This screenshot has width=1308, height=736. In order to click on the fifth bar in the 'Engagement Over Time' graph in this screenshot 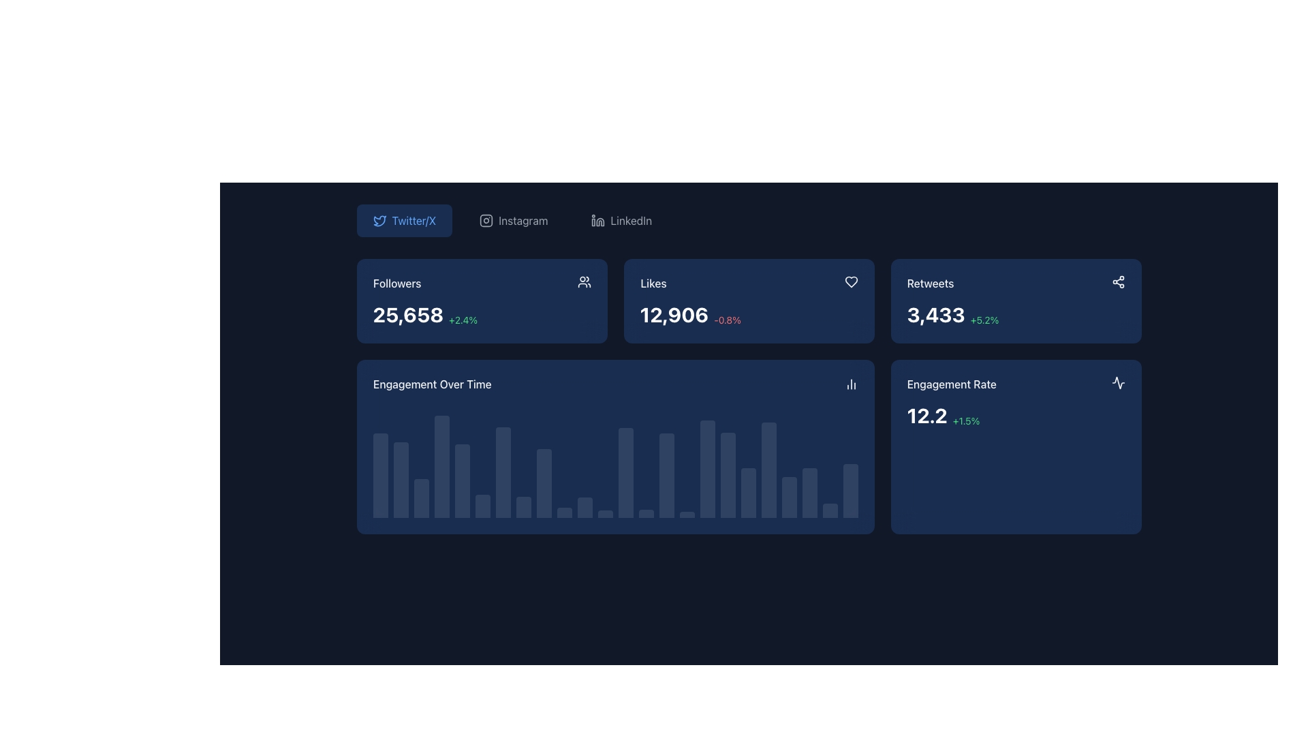, I will do `click(462, 480)`.